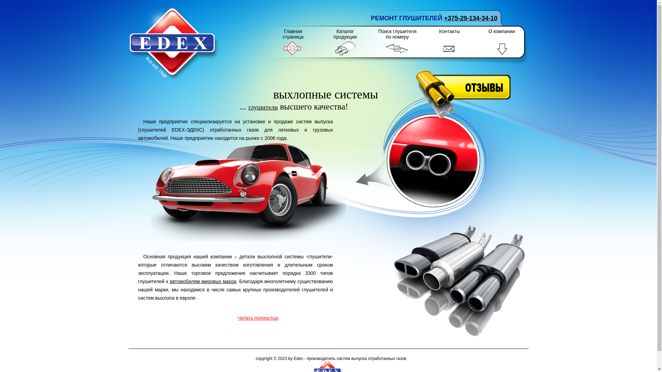 This screenshot has height=372, width=662. I want to click on 'Edex', so click(174, 44).